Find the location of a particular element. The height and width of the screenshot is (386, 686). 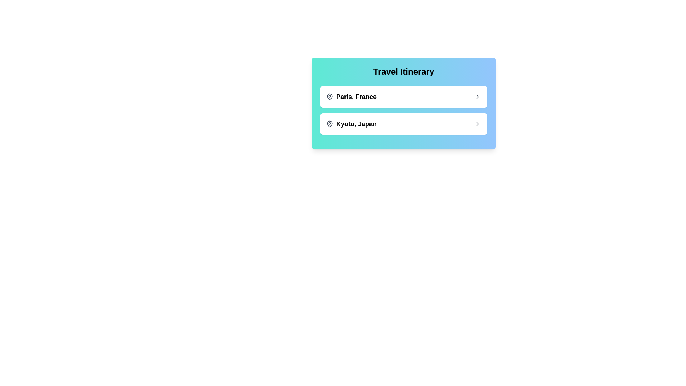

the chevron icon button located at the far right of the entry displaying 'Paris, France' is located at coordinates (478, 96).